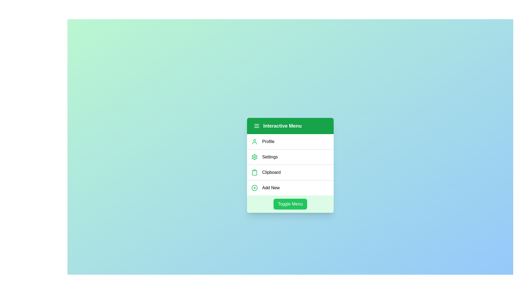 Image resolution: width=520 pixels, height=292 pixels. What do you see at coordinates (290, 157) in the screenshot?
I see `the menu item Settings` at bounding box center [290, 157].